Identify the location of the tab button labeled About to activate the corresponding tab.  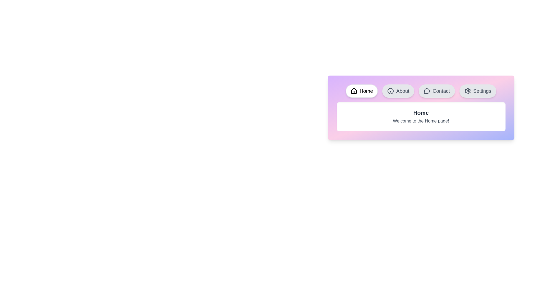
(398, 91).